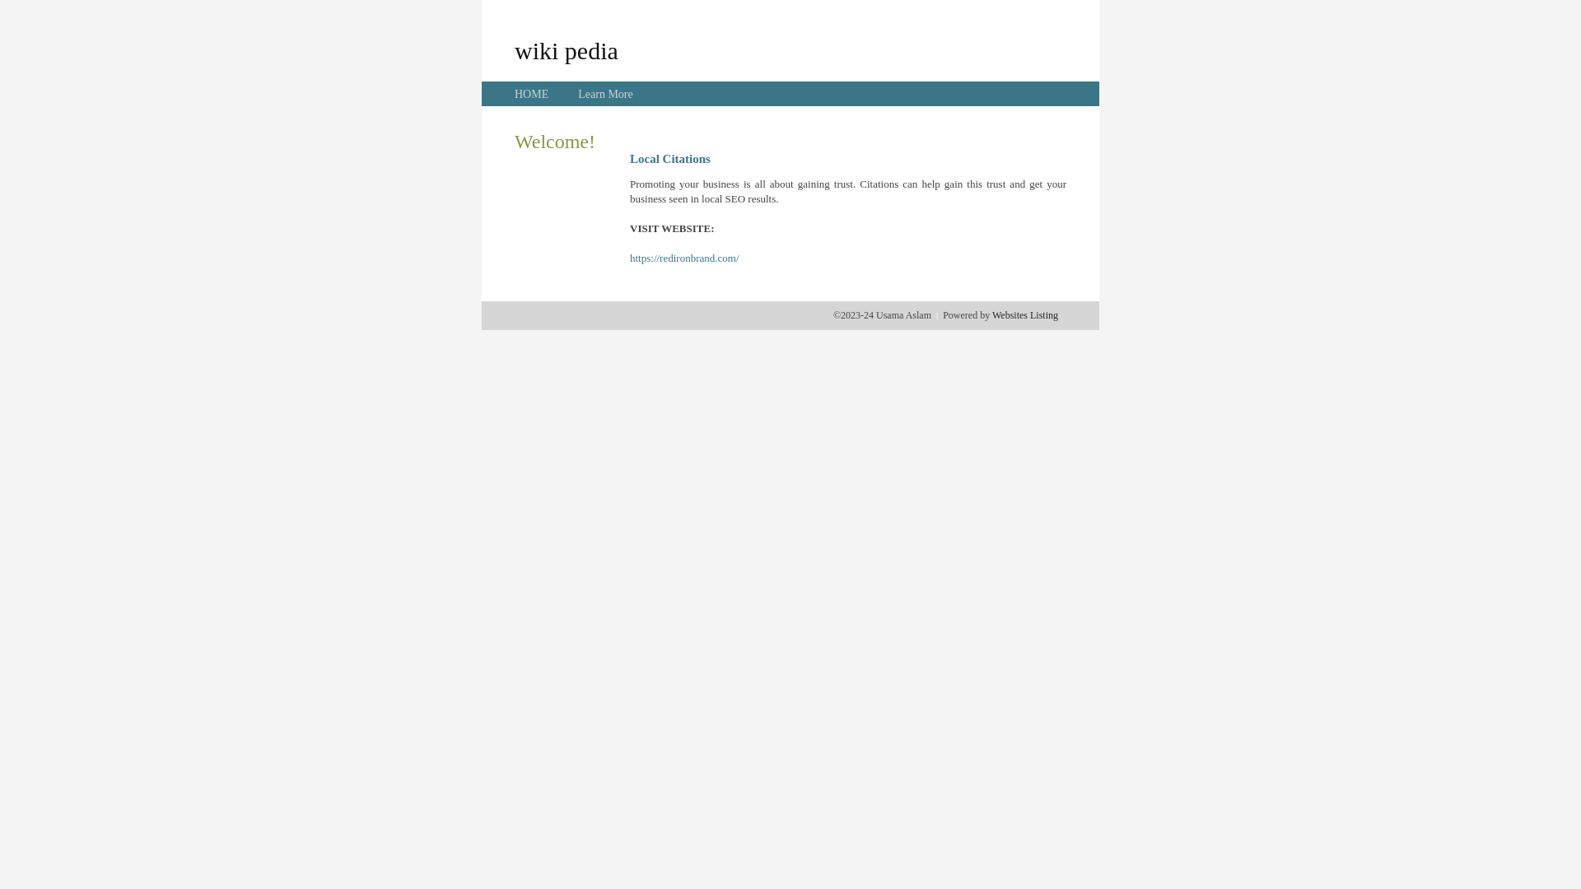 The image size is (1581, 889). What do you see at coordinates (566, 49) in the screenshot?
I see `'wiki pedia'` at bounding box center [566, 49].